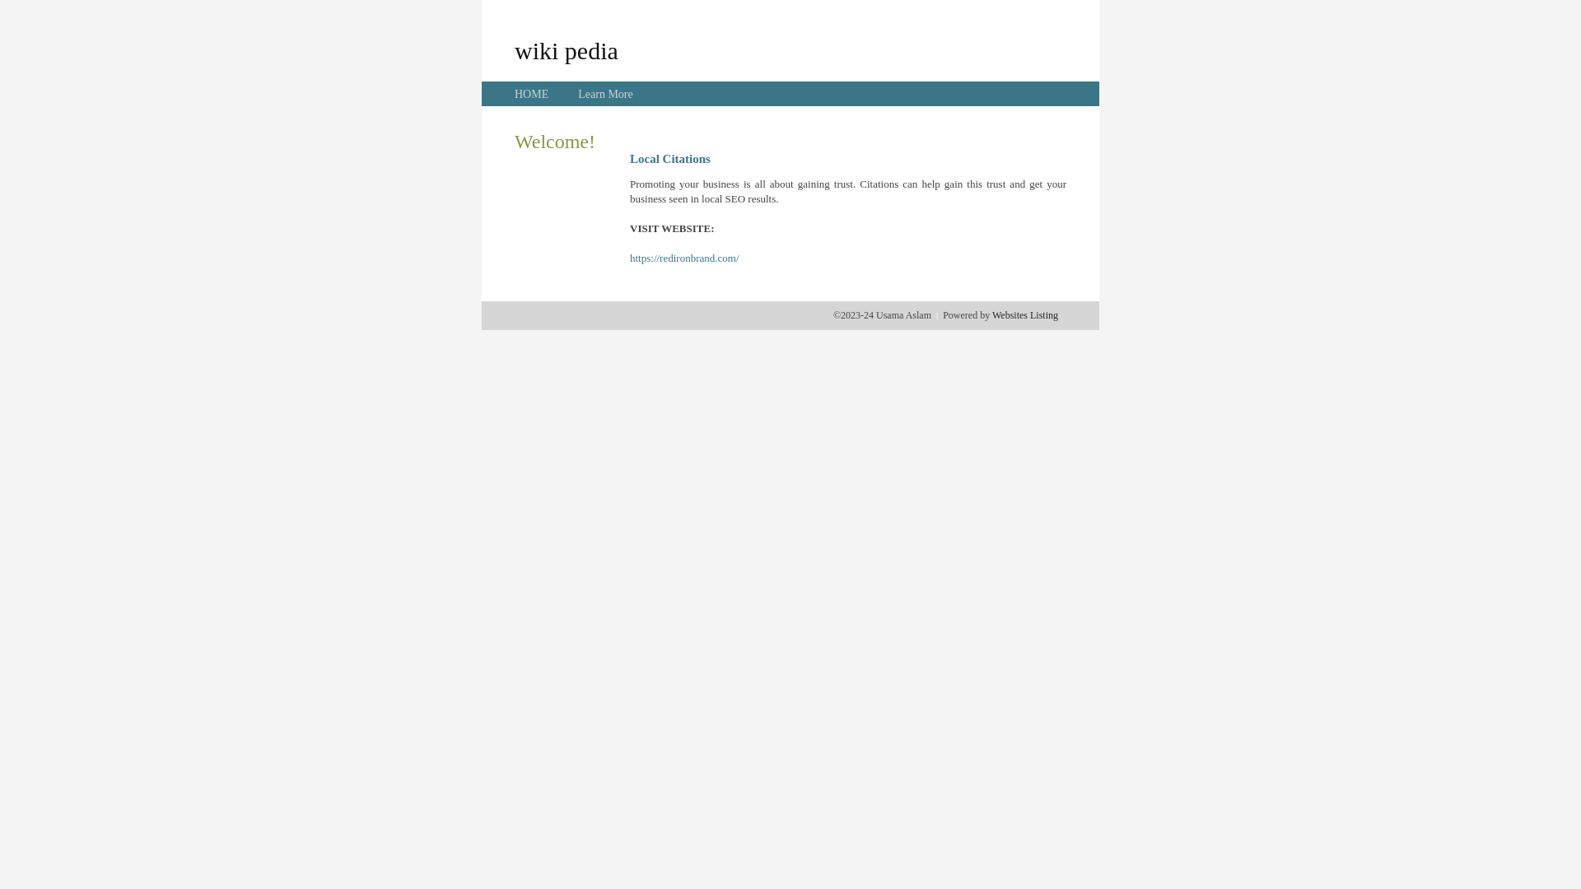 The image size is (1581, 889). What do you see at coordinates (566, 49) in the screenshot?
I see `'wiki pedia'` at bounding box center [566, 49].